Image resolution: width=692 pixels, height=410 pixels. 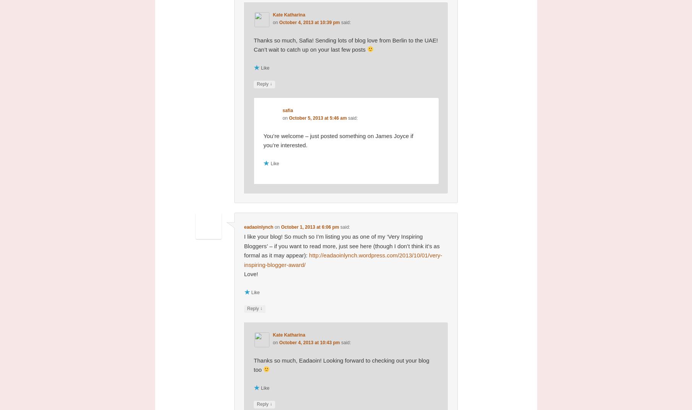 What do you see at coordinates (345, 44) in the screenshot?
I see `'Thanks so much, Safia! Sending lots of blog love from Berlin to the UAE! Can’t wait to catch up on your last few posts'` at bounding box center [345, 44].